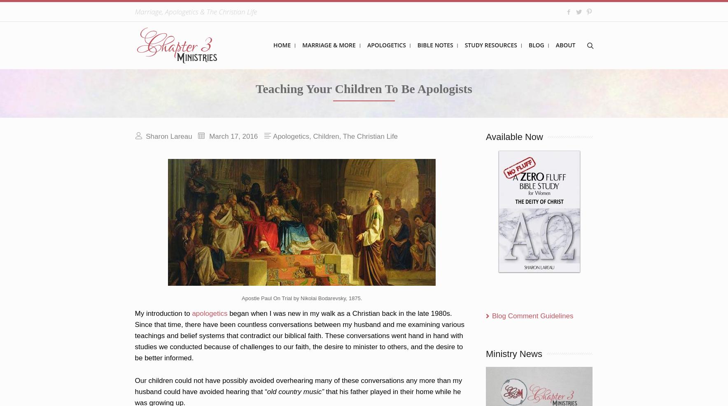 This screenshot has height=406, width=728. What do you see at coordinates (135, 336) in the screenshot?
I see `'began when I was new in my walk as a Christian back in the late 1980s. Since that time, there have been countless conversations between my husband and me examining various teachings and belief systems that contradict our biblical faith. These conversations went hand in hand with studies we conducted because of challenges to our faith, the desire to minister to others, and the desire to be better informed.'` at bounding box center [135, 336].